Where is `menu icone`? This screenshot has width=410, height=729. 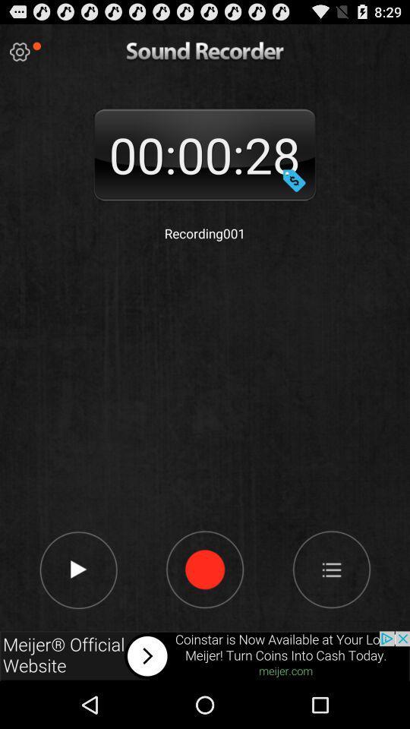
menu icone is located at coordinates (330, 568).